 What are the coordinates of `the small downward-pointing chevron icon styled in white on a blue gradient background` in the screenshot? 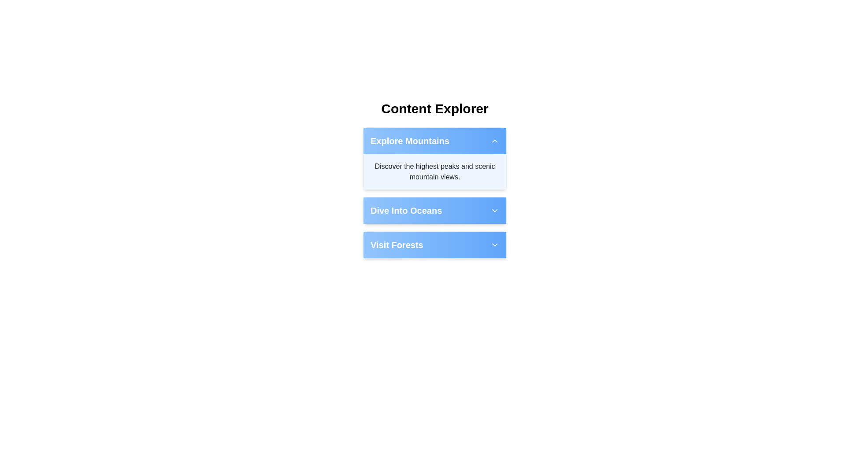 It's located at (495, 211).